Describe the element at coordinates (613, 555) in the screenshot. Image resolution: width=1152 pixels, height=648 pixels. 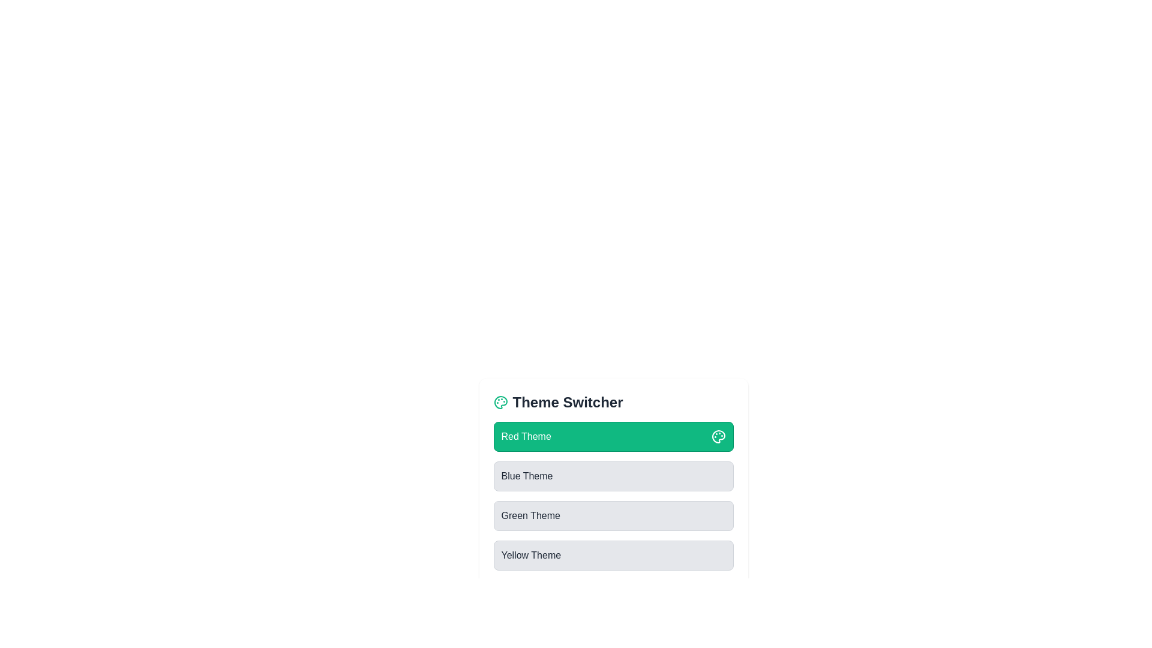
I see `the theme Yellow by clicking on the corresponding button` at that location.